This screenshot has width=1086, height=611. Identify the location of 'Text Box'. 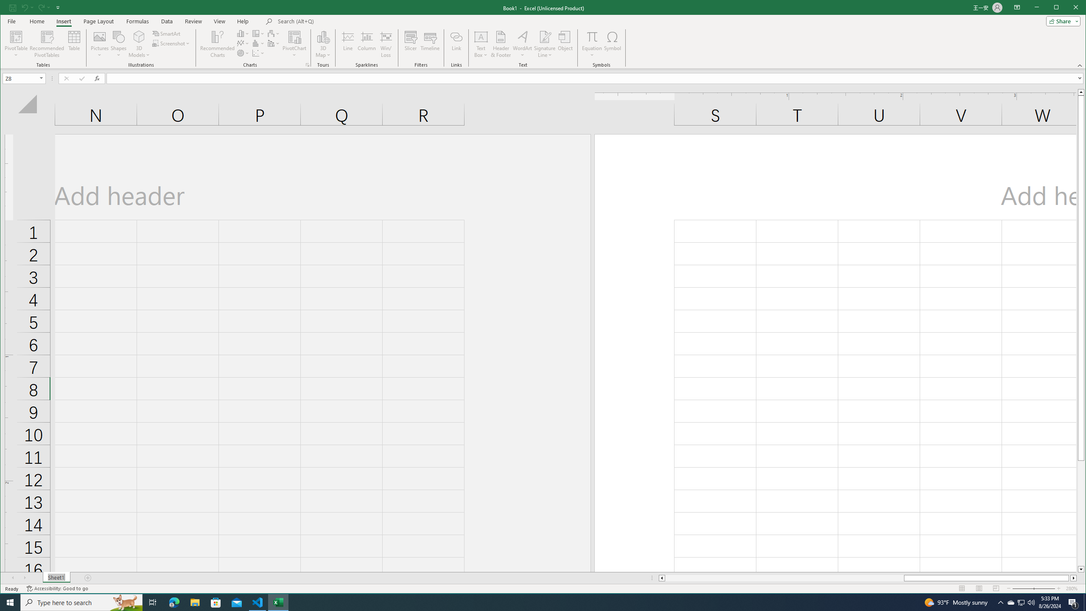
(481, 44).